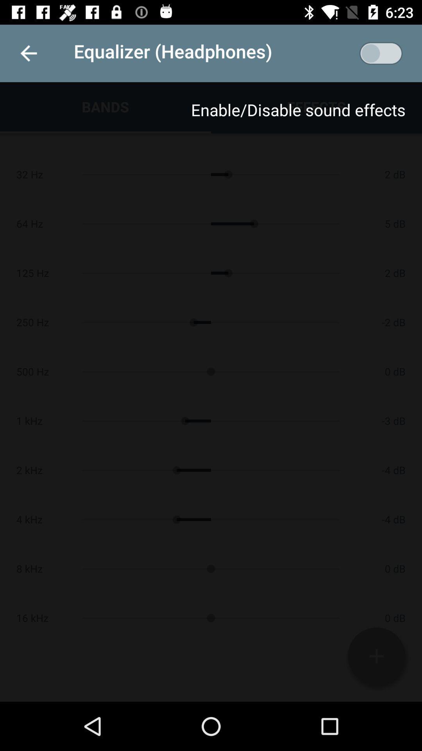 The image size is (422, 751). What do you see at coordinates (376, 656) in the screenshot?
I see `the add icon` at bounding box center [376, 656].